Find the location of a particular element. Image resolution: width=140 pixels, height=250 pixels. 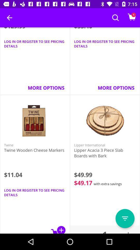

the filter_list icon is located at coordinates (125, 218).